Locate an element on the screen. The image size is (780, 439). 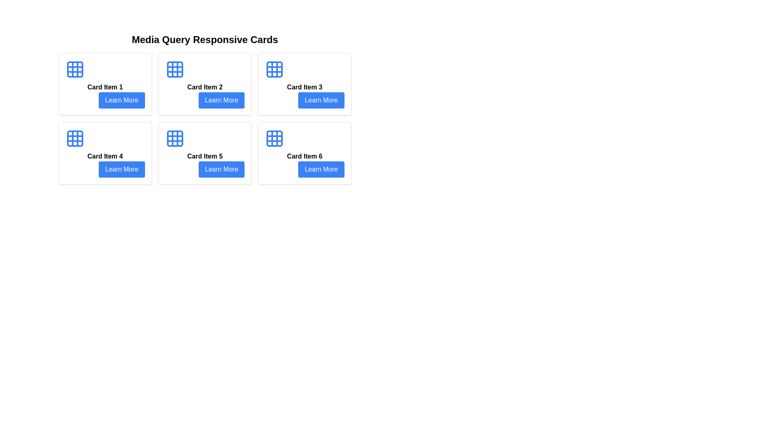
the blue grid icon element located above the text 'Card Item 4' in the bottom-left card of the grid layout is located at coordinates (75, 138).